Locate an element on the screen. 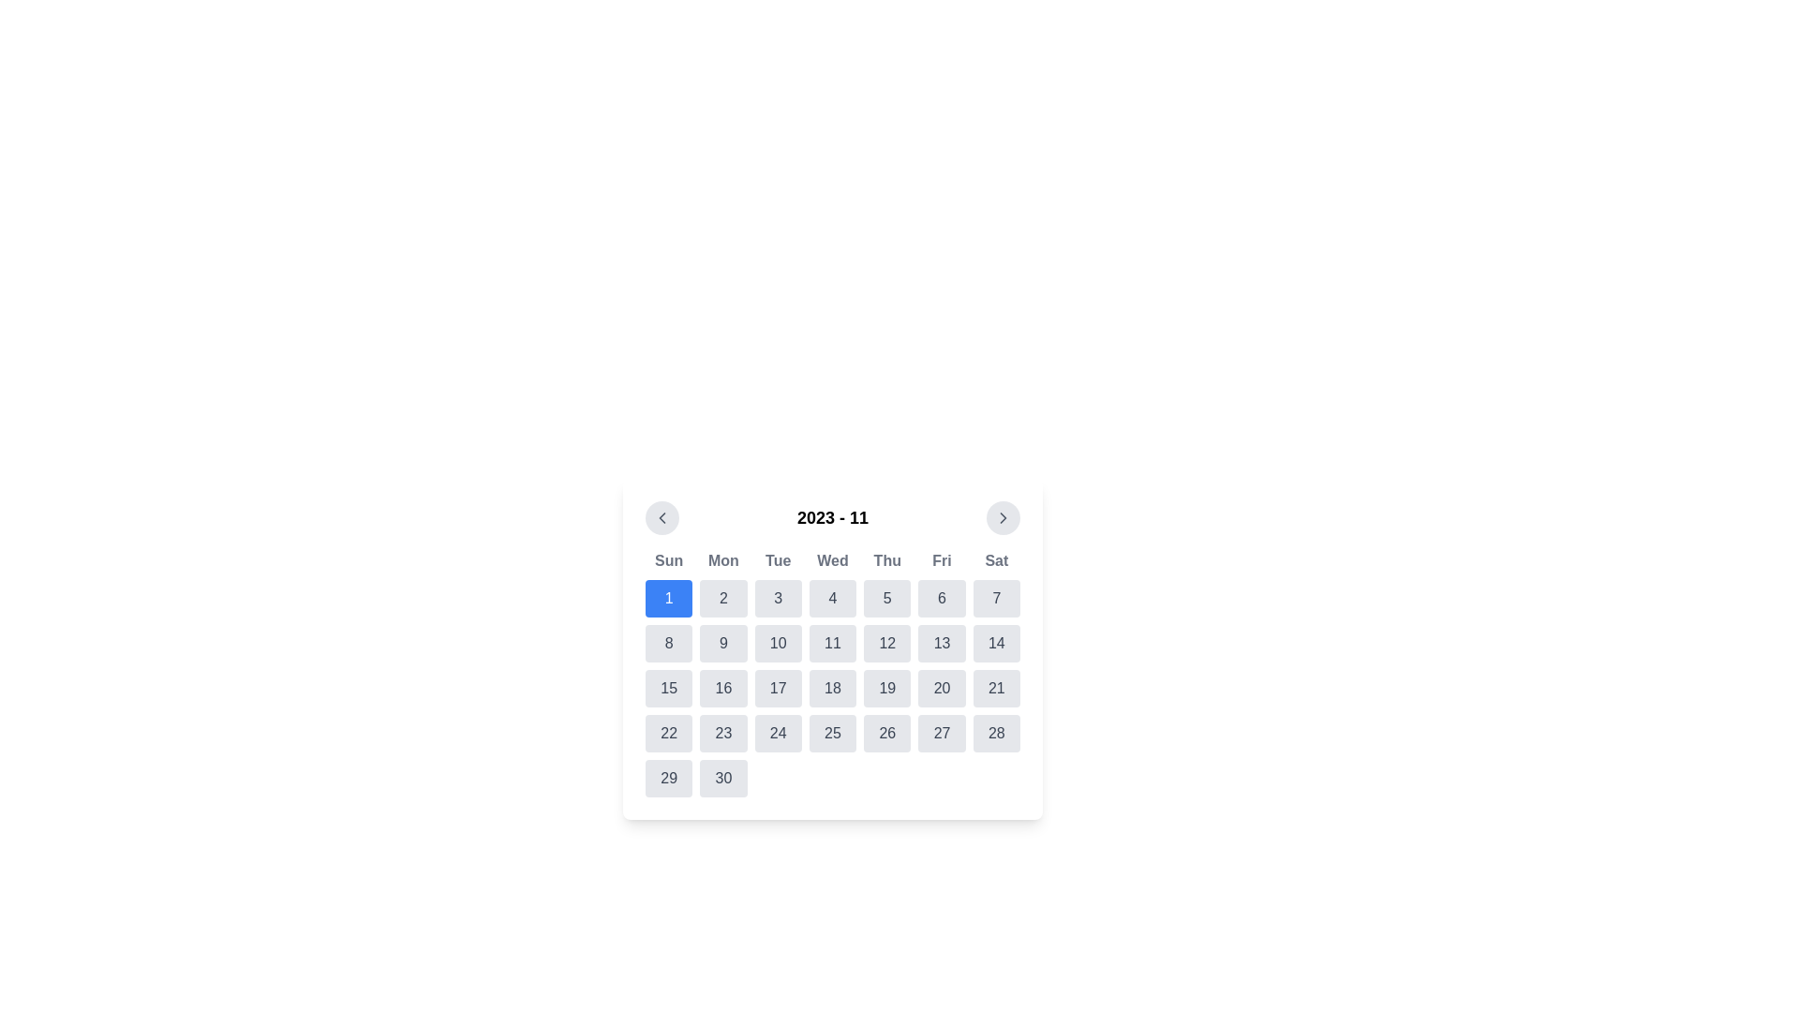  the rounded rectangular button with light gray background and text '21' is located at coordinates (995, 689).